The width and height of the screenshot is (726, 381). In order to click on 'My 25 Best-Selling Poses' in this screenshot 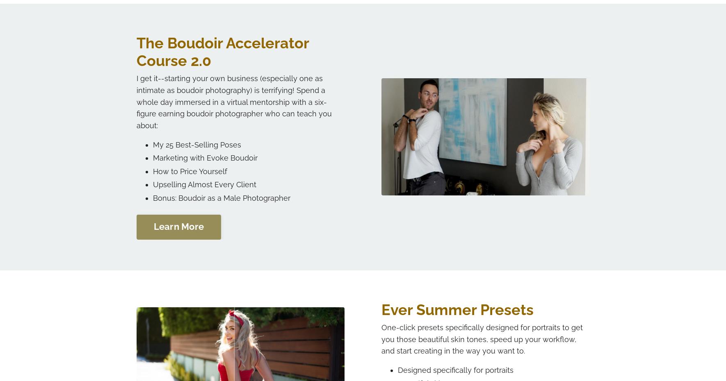, I will do `click(152, 144)`.